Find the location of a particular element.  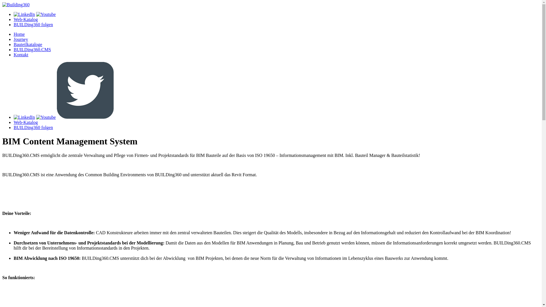

'Home' is located at coordinates (19, 34).